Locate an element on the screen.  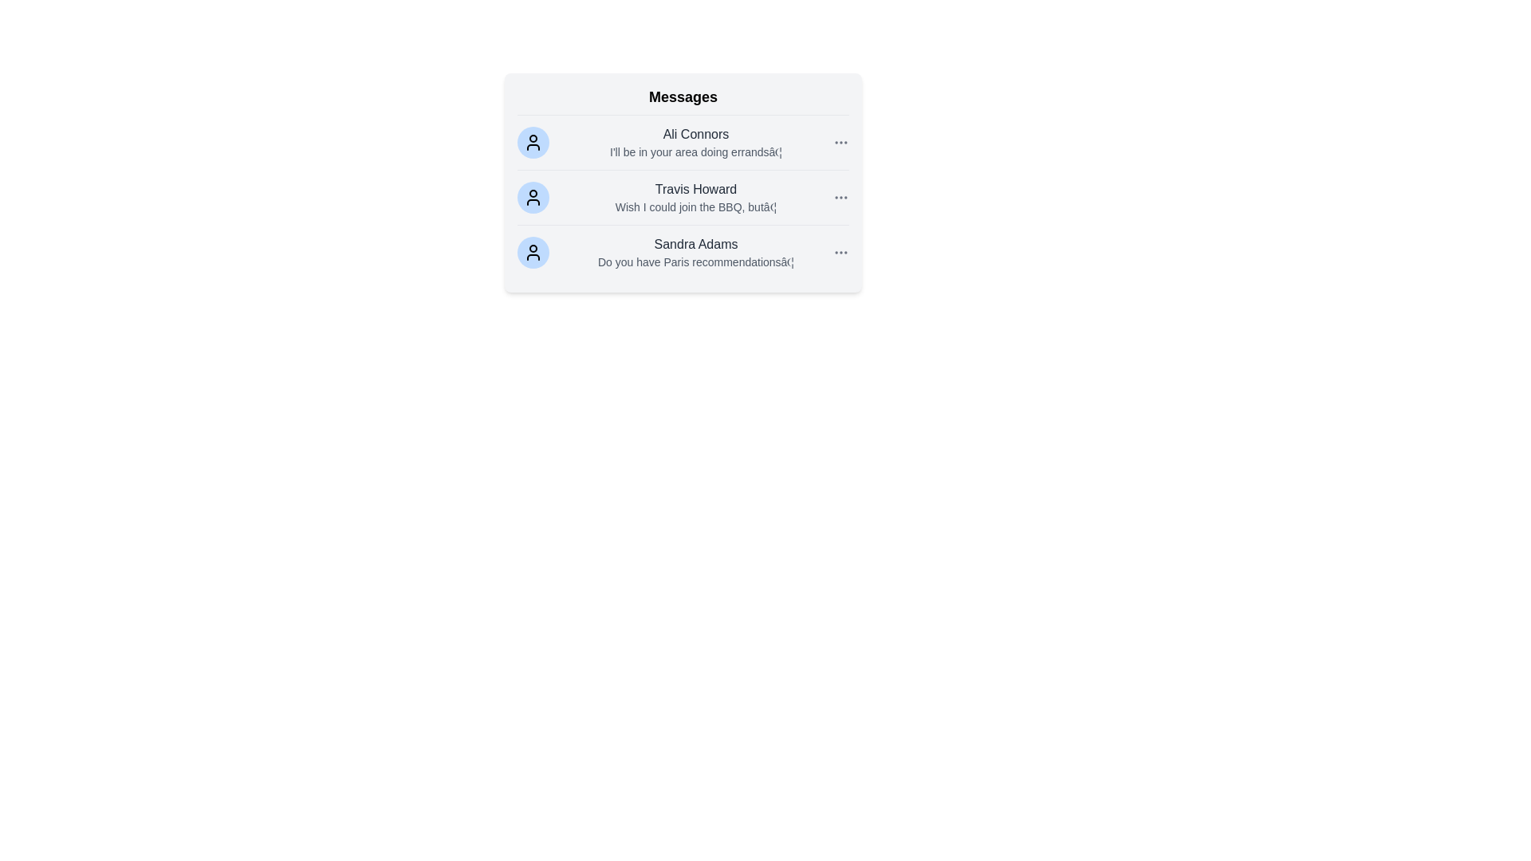
text content of the user name label located in the first user message card of the 'Messages' list, which is directly above the message preview text is located at coordinates (696, 134).